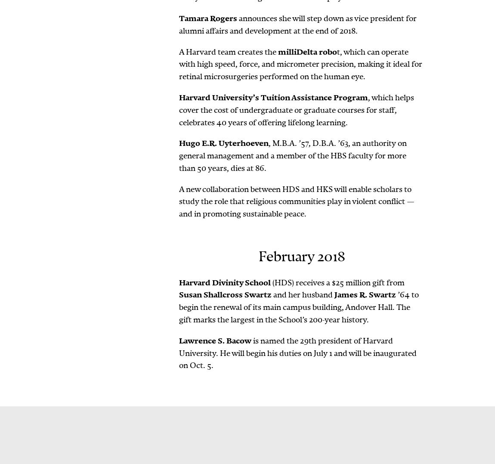 The image size is (495, 464). What do you see at coordinates (297, 353) in the screenshot?
I see `'is named the 29th president of Harvard University. He will begin his duties on July 1 and will be inaugurated on Oct. 5.'` at bounding box center [297, 353].